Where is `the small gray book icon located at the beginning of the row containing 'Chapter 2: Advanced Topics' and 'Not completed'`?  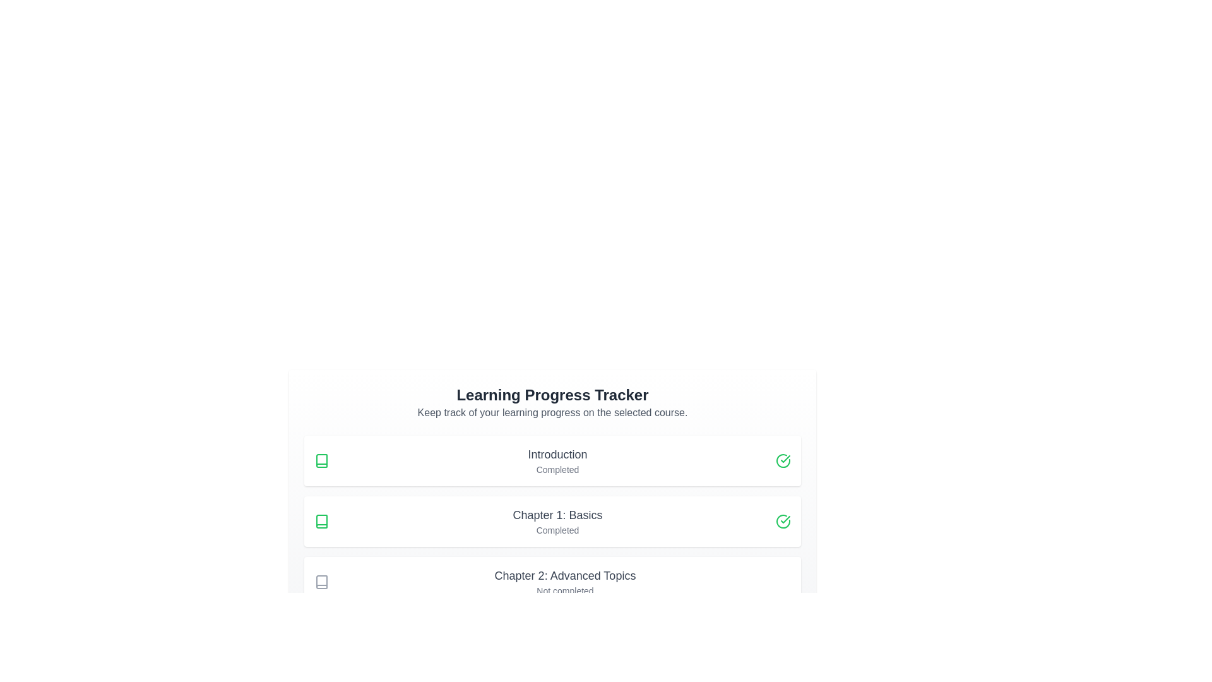 the small gray book icon located at the beginning of the row containing 'Chapter 2: Advanced Topics' and 'Not completed' is located at coordinates (321, 582).